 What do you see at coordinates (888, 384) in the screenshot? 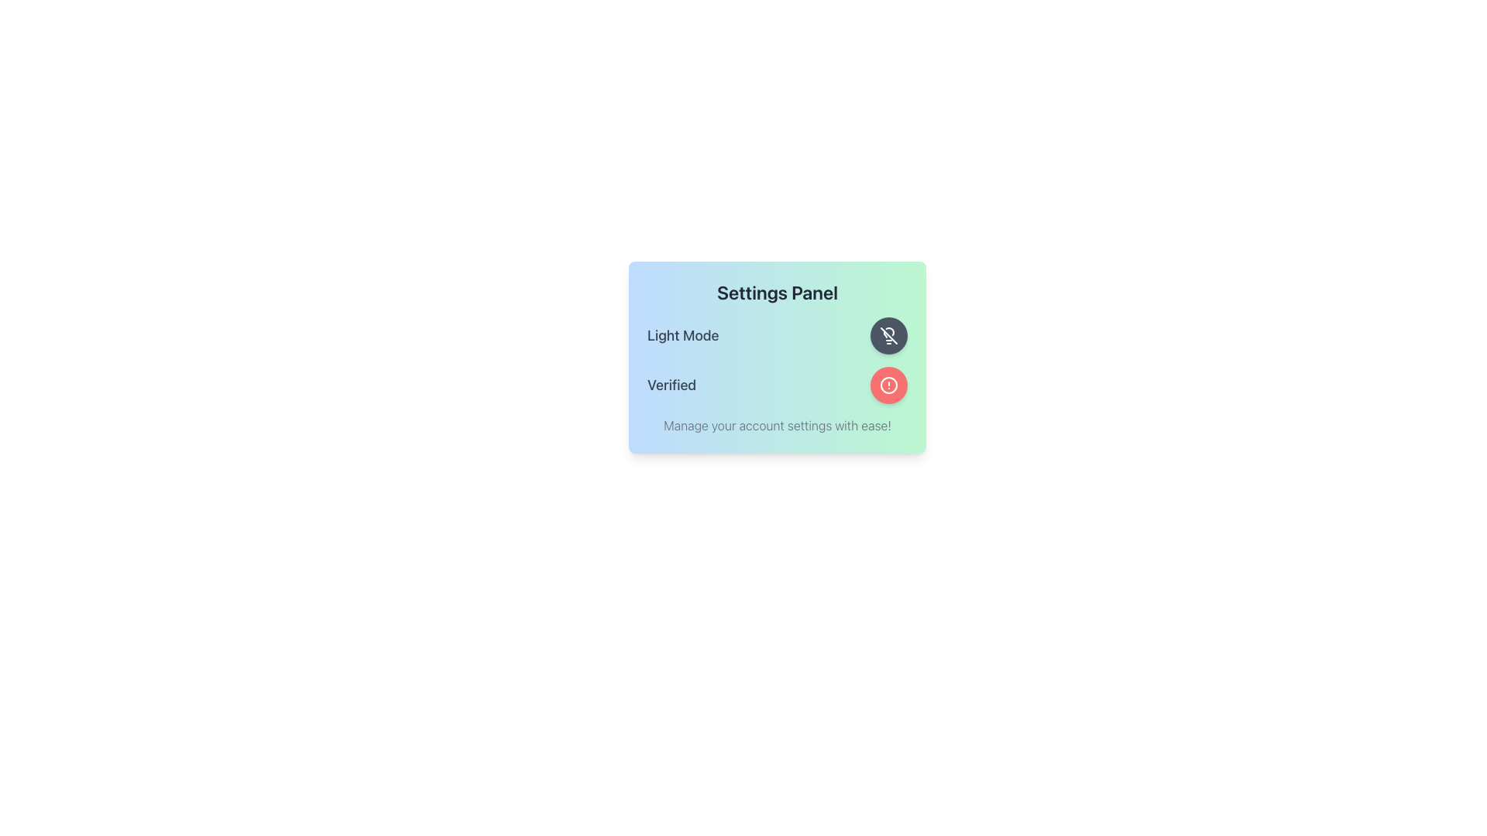
I see `the circular red alert icon located next to the 'Verified' label in the settings panel interface` at bounding box center [888, 384].